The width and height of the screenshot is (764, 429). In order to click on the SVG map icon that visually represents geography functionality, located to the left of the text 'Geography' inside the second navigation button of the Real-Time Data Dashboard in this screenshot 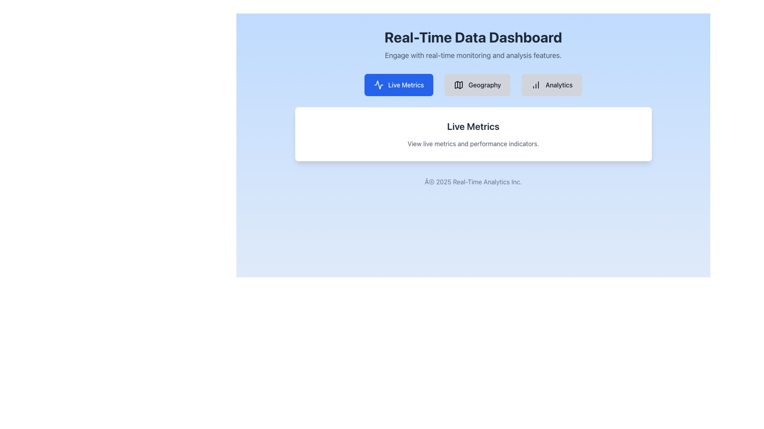, I will do `click(459, 85)`.